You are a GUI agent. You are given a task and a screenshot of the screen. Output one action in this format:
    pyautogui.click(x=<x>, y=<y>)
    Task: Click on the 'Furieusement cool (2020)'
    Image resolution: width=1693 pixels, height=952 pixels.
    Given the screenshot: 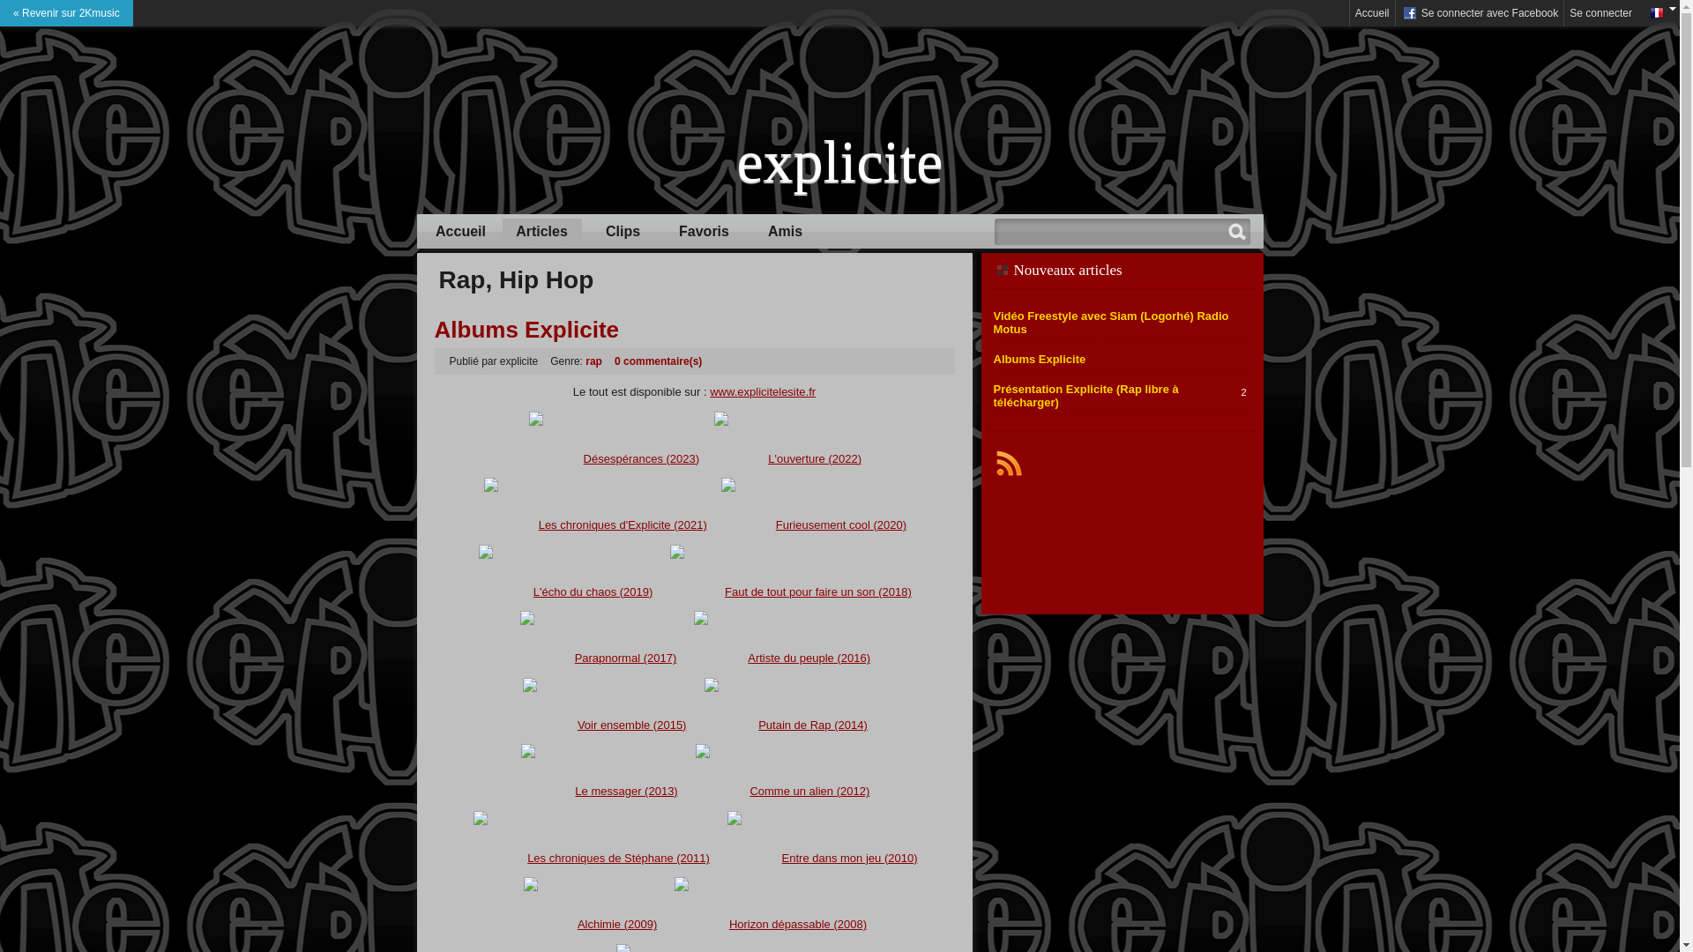 What is the action you would take?
    pyautogui.click(x=840, y=524)
    